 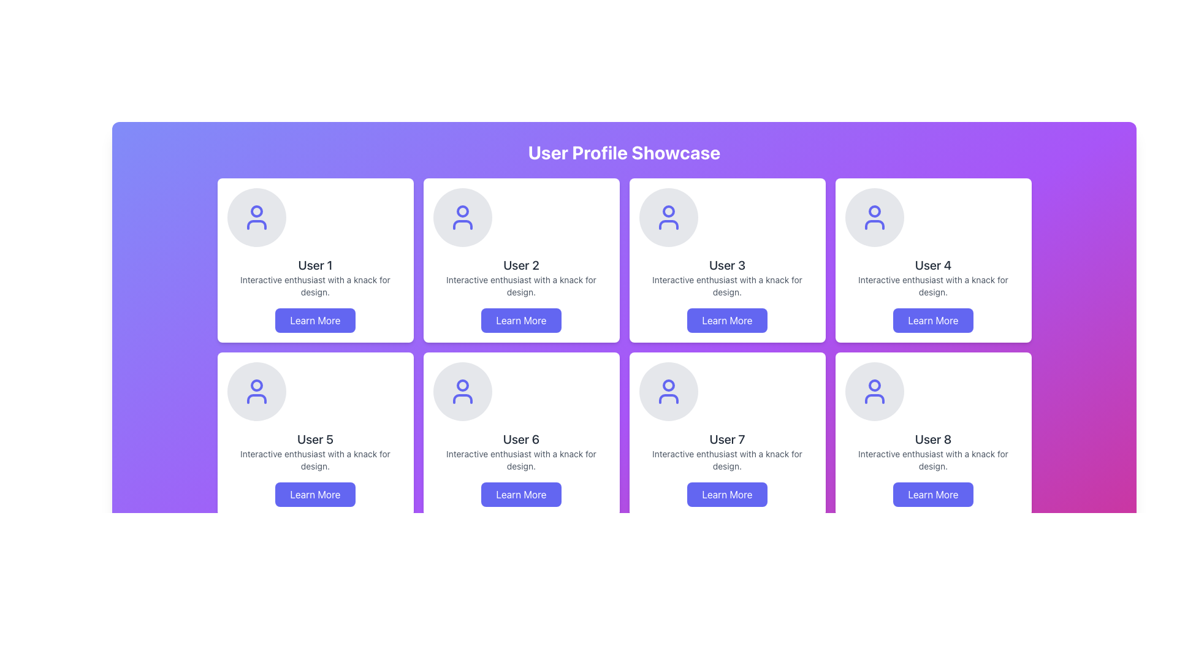 What do you see at coordinates (462, 384) in the screenshot?
I see `the inner circle of the user icon in the sixth card ('User 6') to interact with the user icon` at bounding box center [462, 384].